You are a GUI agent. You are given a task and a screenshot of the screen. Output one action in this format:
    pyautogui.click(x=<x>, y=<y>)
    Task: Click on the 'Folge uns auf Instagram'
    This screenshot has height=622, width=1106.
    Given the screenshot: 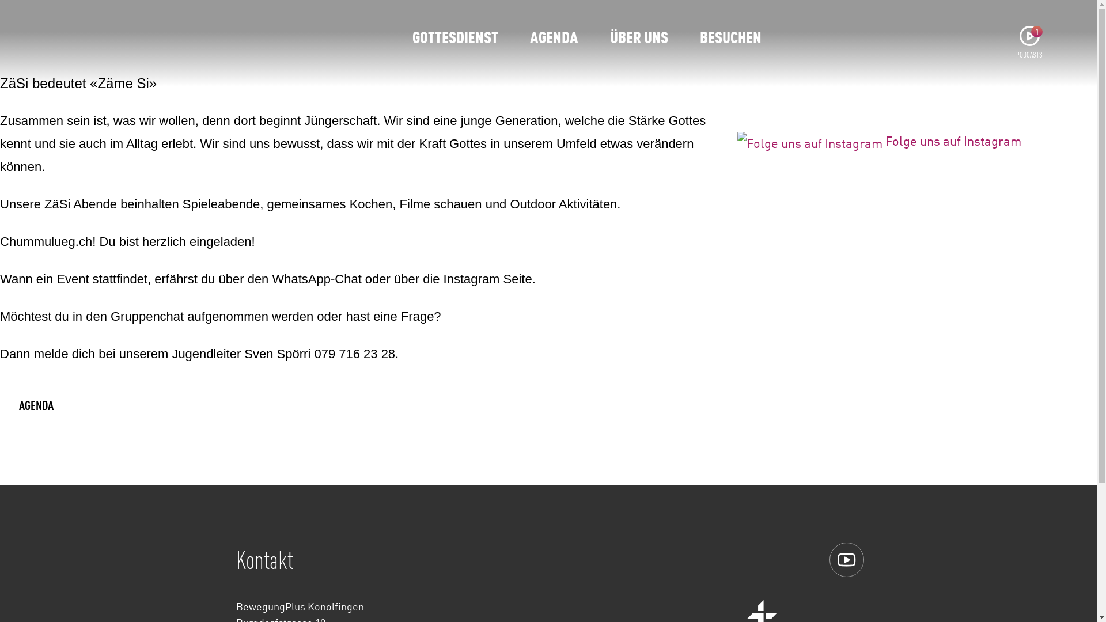 What is the action you would take?
    pyautogui.click(x=809, y=142)
    